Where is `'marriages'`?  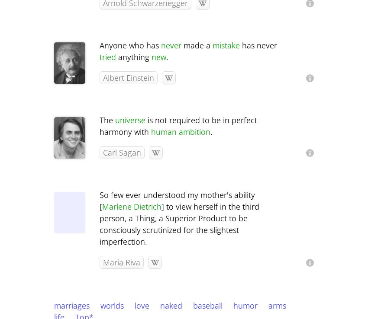
'marriages' is located at coordinates (72, 306).